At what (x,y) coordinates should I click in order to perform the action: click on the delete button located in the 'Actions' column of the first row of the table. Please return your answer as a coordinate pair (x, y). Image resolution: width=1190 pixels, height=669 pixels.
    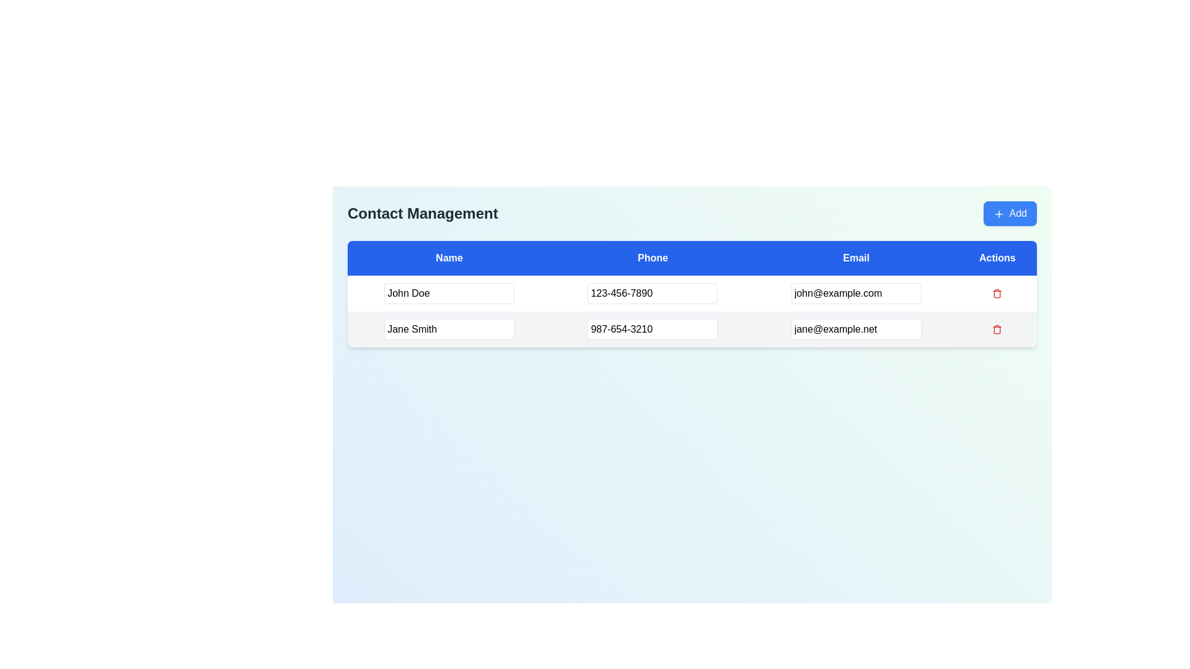
    Looking at the image, I should click on (997, 294).